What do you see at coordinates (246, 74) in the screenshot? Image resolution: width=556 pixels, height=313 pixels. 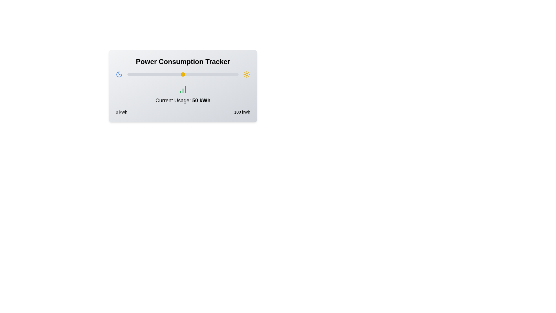 I see `the Sun icon to toggle the theme` at bounding box center [246, 74].